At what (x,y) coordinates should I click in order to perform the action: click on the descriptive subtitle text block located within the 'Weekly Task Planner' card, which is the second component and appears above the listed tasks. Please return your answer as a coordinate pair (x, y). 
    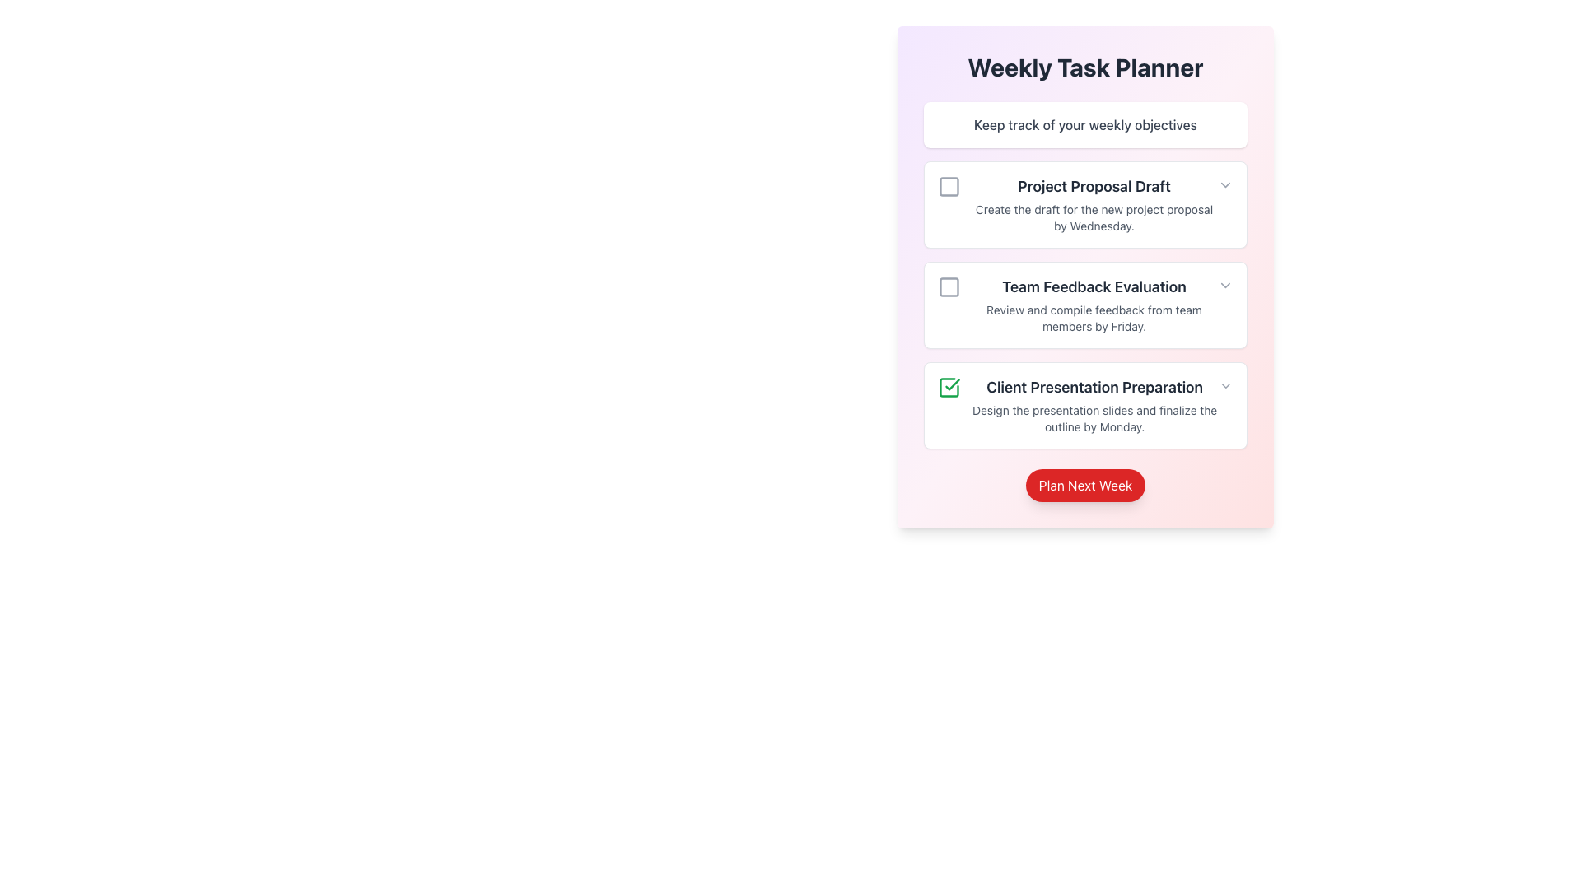
    Looking at the image, I should click on (1085, 123).